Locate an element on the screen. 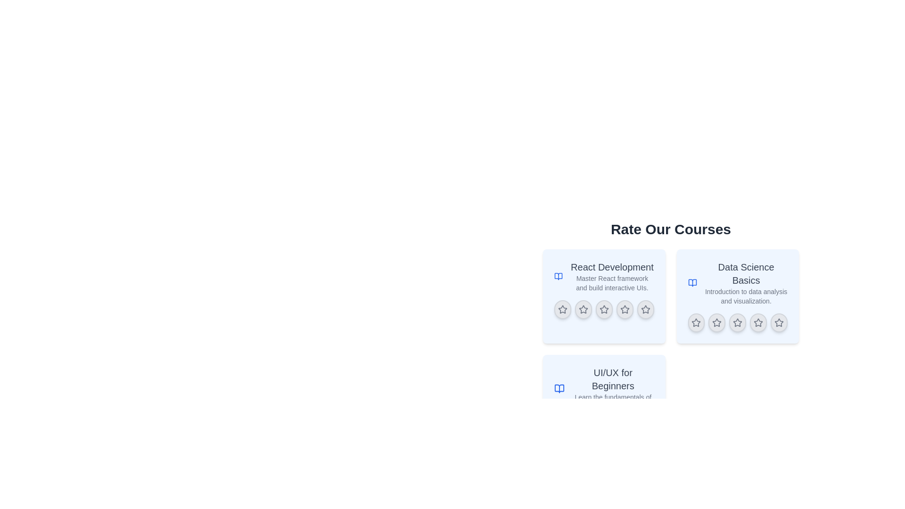 This screenshot has width=905, height=509. the 'React Development' label displayed in bold dark gray text at the top-left corner of the first course card is located at coordinates (612, 267).